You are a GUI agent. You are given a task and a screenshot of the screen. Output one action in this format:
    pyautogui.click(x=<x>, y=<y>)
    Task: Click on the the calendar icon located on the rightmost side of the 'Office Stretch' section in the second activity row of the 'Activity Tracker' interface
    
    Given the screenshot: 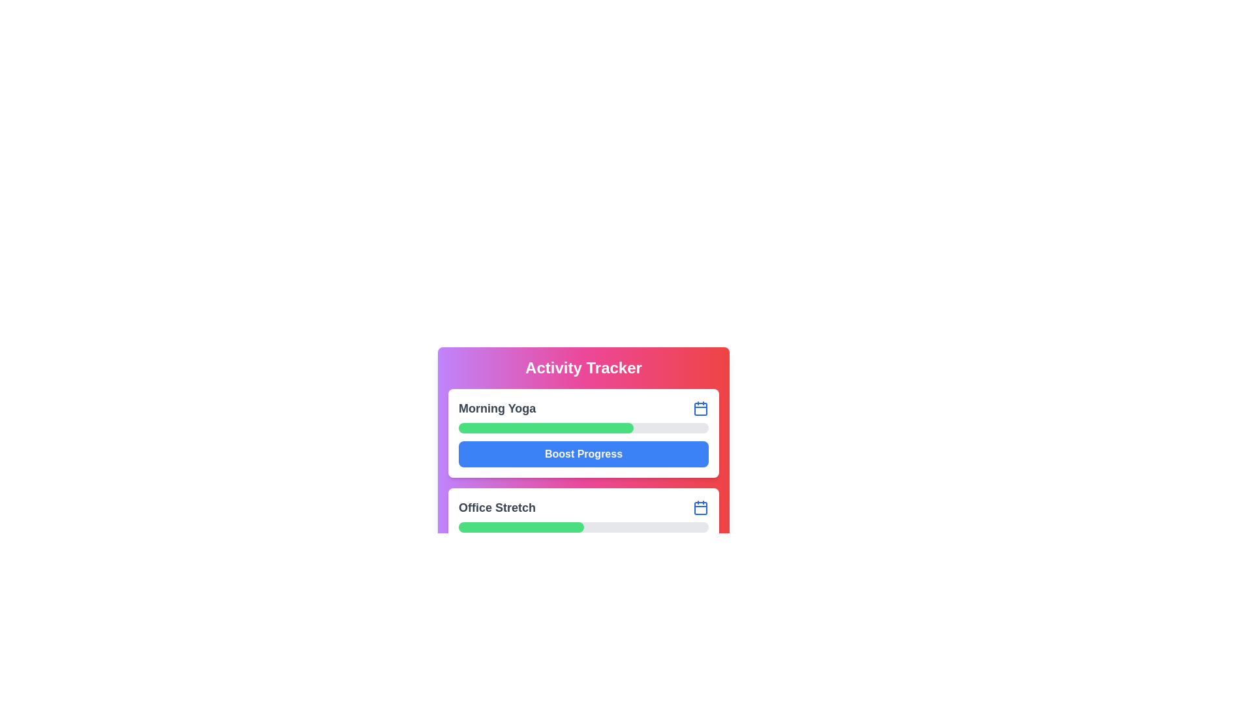 What is the action you would take?
    pyautogui.click(x=700, y=507)
    